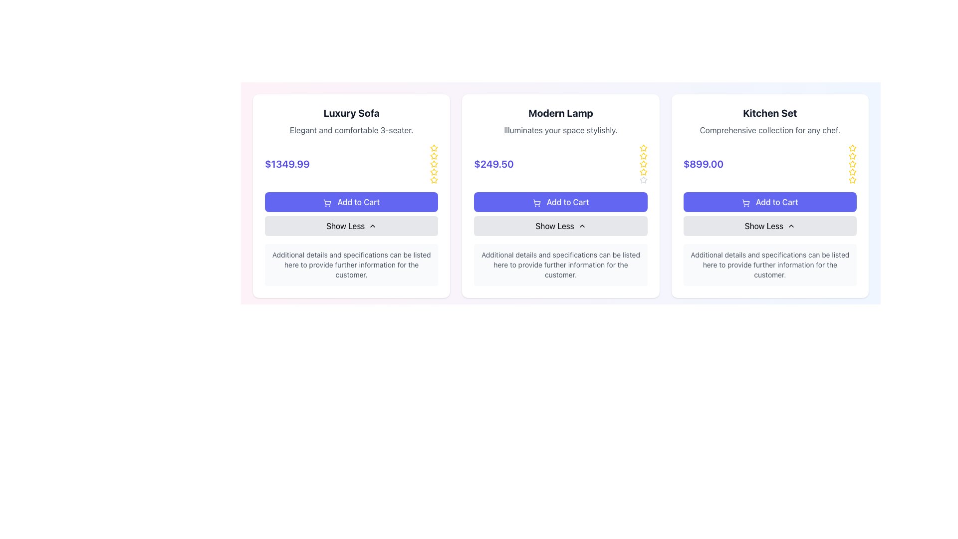  Describe the element at coordinates (763, 226) in the screenshot. I see `the text content of the label indicating the function of collapsing or hiding additional information related to the 'Kitchen Set', located within the gray rectangular button at the bottom of the 'Kitchen Set' card` at that location.